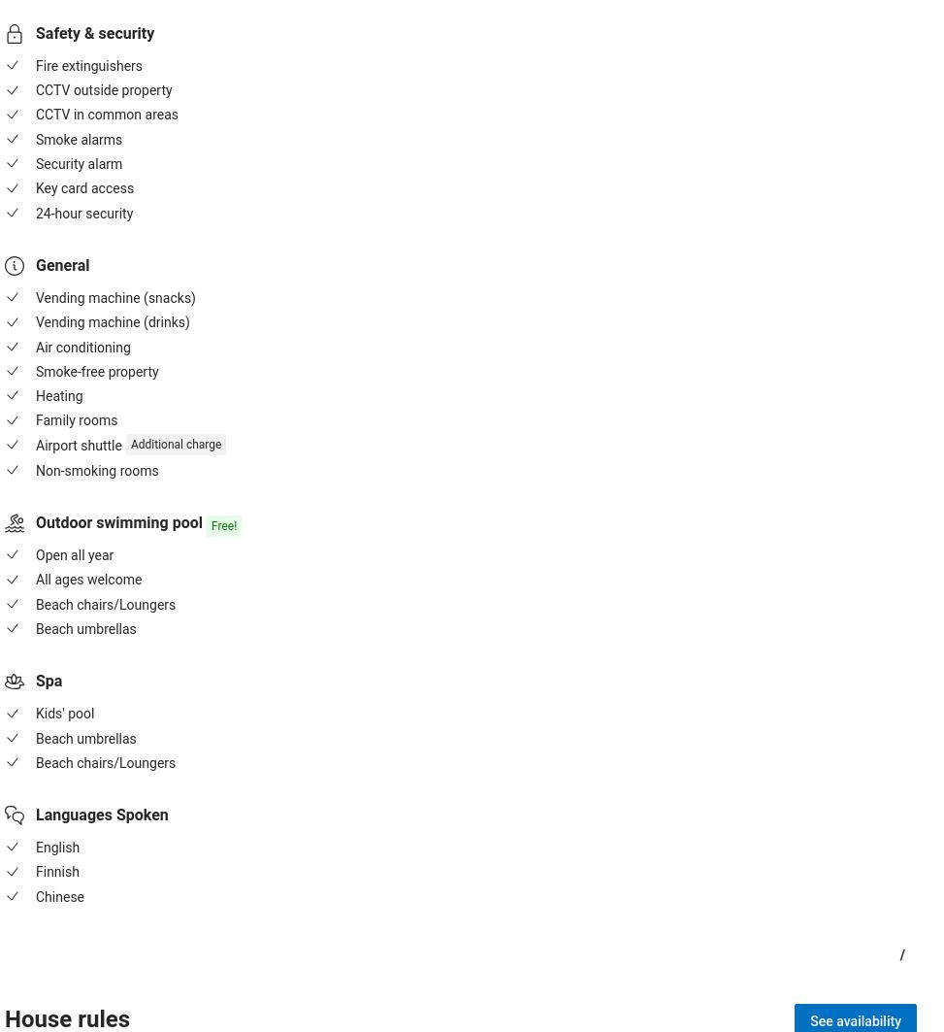  Describe the element at coordinates (78, 138) in the screenshot. I see `'Smoke alarms'` at that location.